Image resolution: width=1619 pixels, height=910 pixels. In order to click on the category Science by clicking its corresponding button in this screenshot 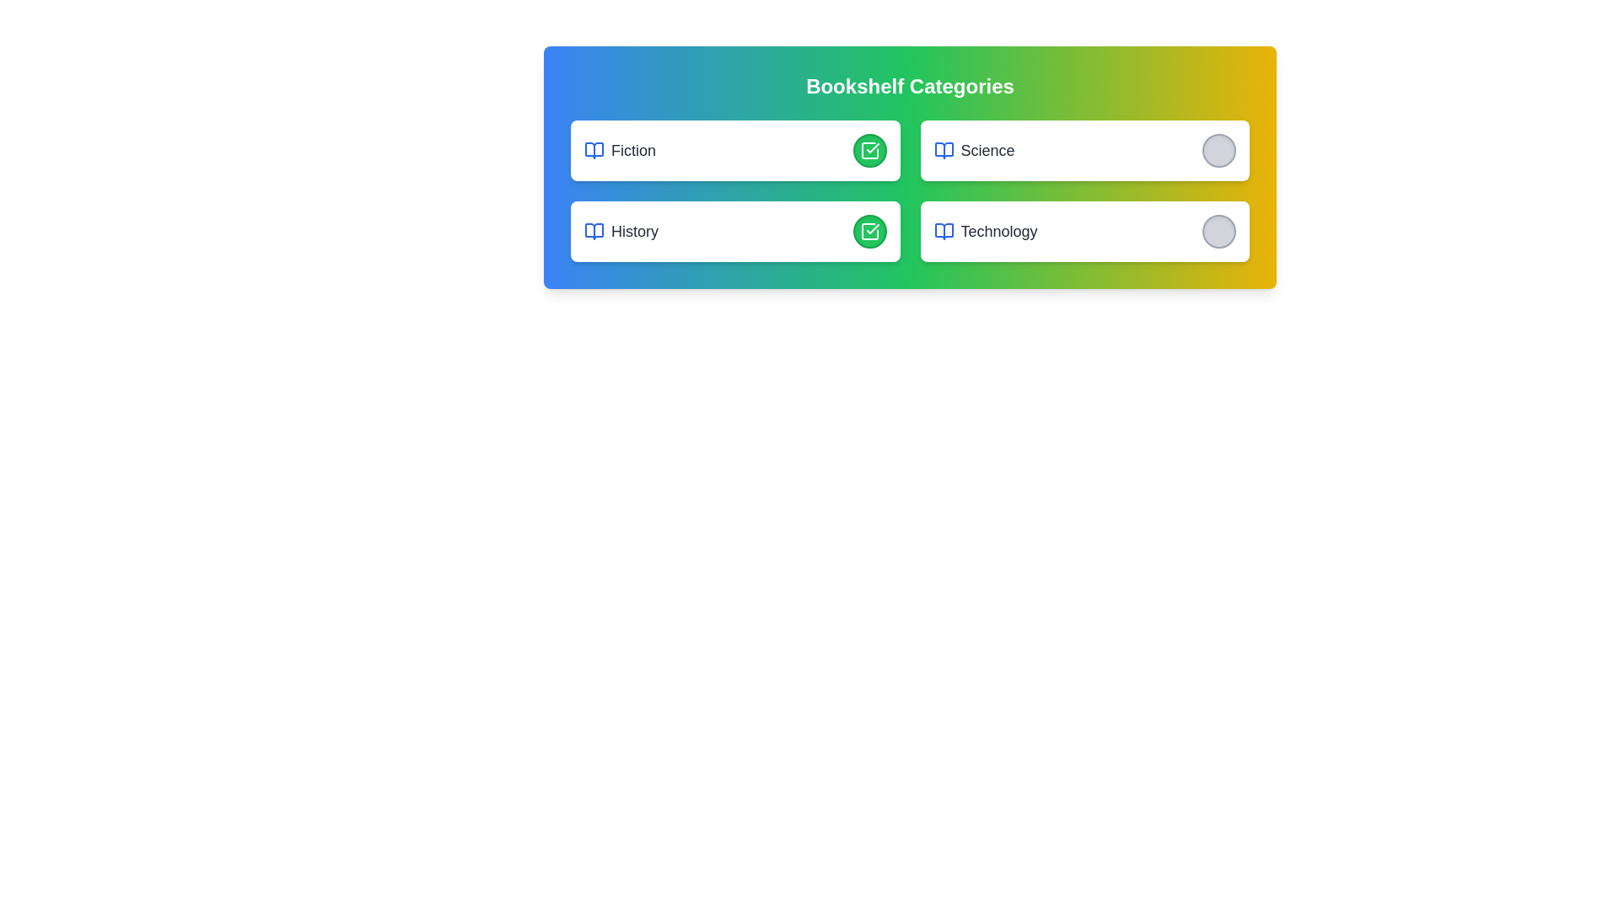, I will do `click(1218, 149)`.